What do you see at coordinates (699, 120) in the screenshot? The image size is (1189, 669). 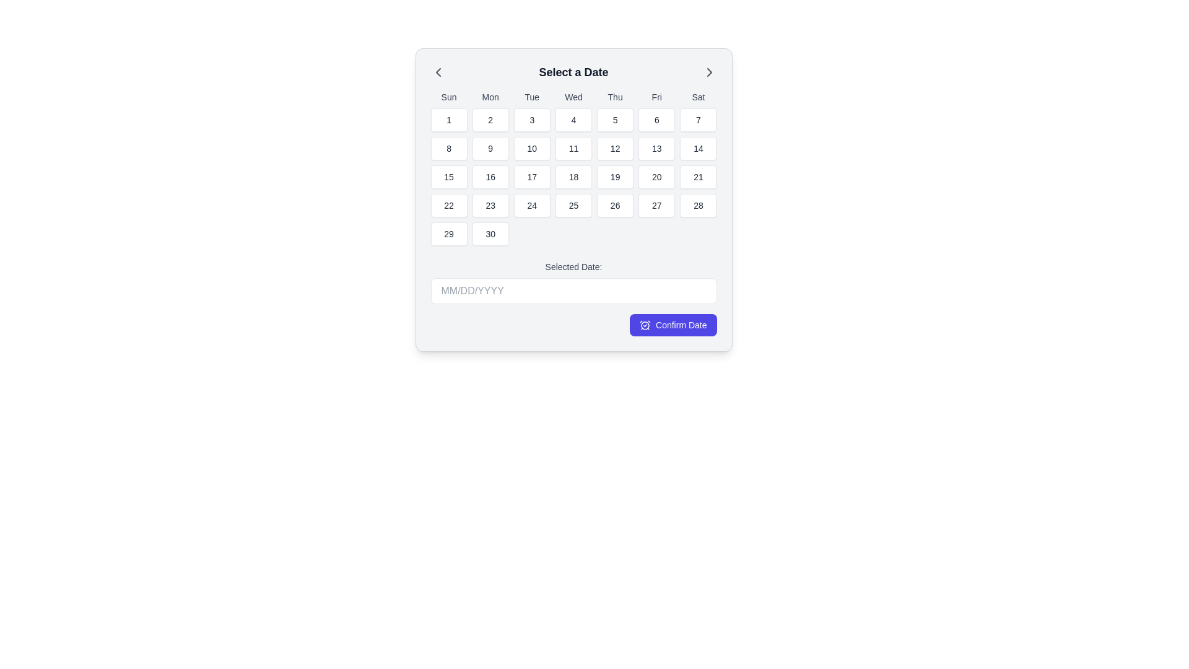 I see `the selectable date button representing the date '7' in the first row of the calendar grid under the 'Sat' column` at bounding box center [699, 120].